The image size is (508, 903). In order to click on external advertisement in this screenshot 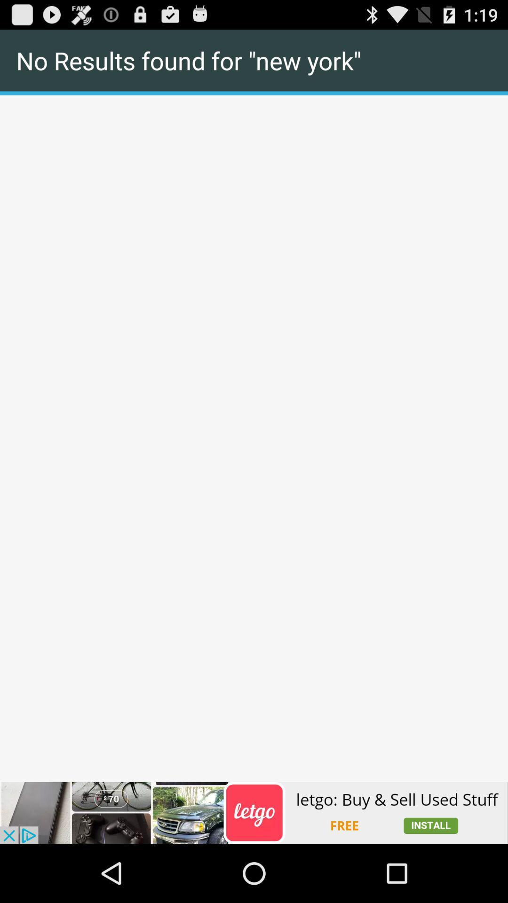, I will do `click(254, 812)`.